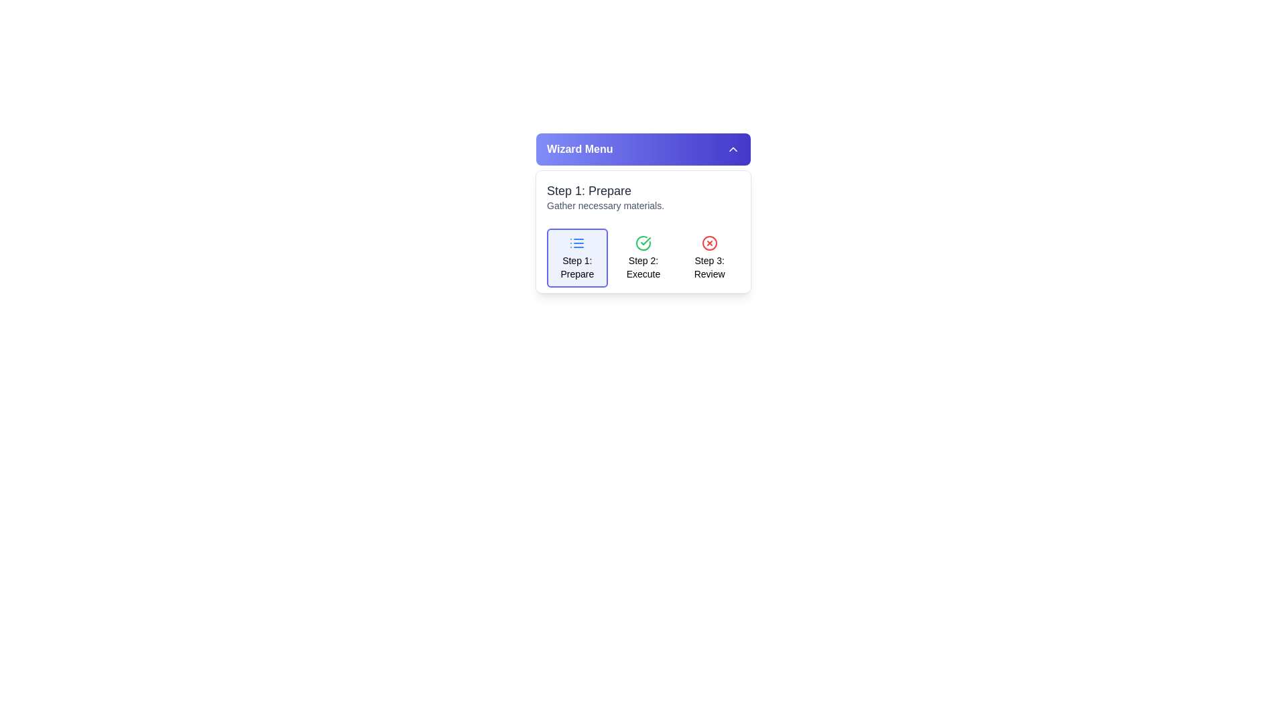 The height and width of the screenshot is (724, 1287). Describe the element at coordinates (577, 267) in the screenshot. I see `the text label that reads 'Step 1: Prepare', which is displayed in a standard sans-serif font in black, located below a blue list icon on a card interface with a light indigo background` at that location.